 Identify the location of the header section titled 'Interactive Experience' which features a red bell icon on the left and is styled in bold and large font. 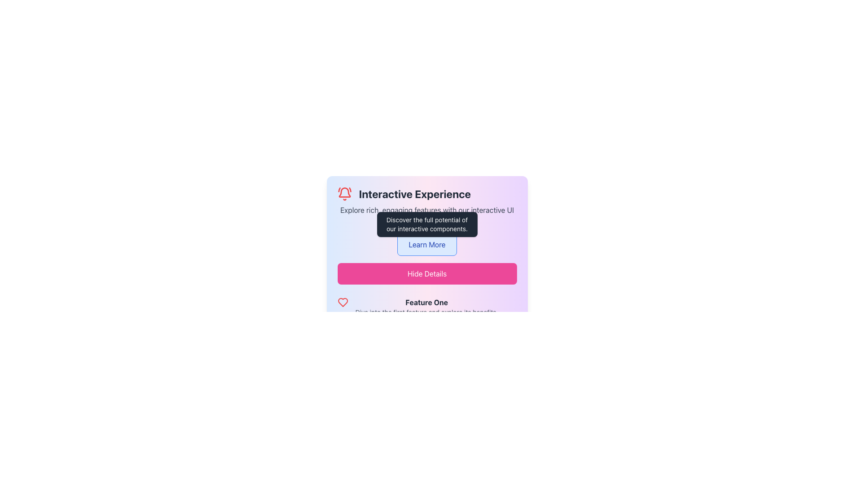
(426, 193).